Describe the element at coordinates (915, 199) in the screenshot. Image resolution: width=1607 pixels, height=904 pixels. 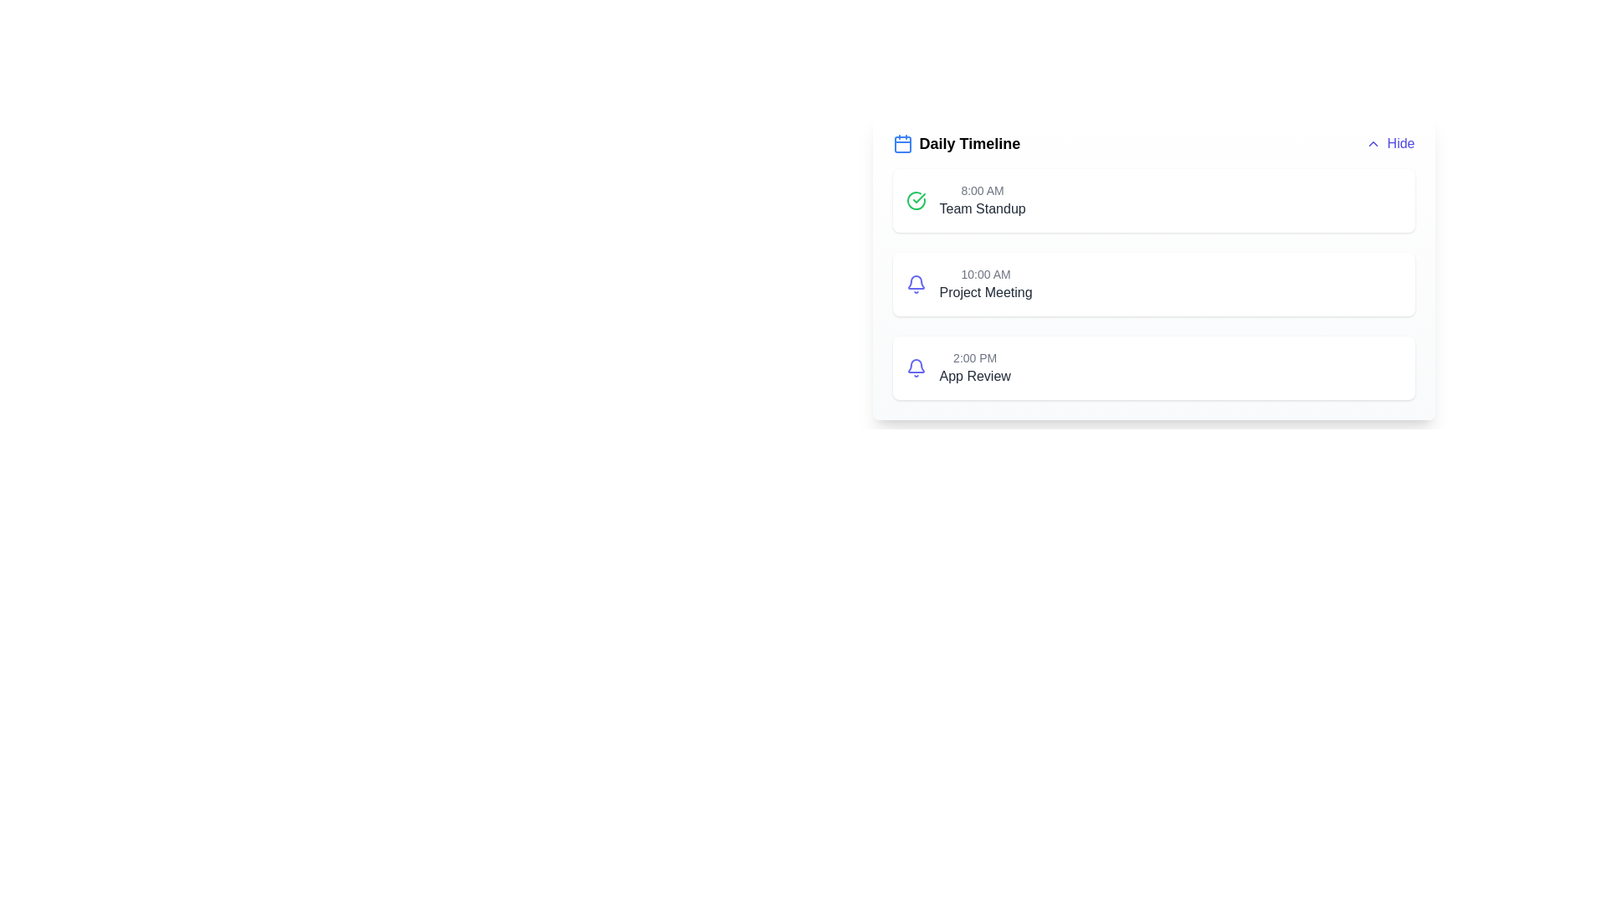
I see `the 'Team Standup' task icon located on the left side of the task entry under 'Daily Timeline'` at that location.